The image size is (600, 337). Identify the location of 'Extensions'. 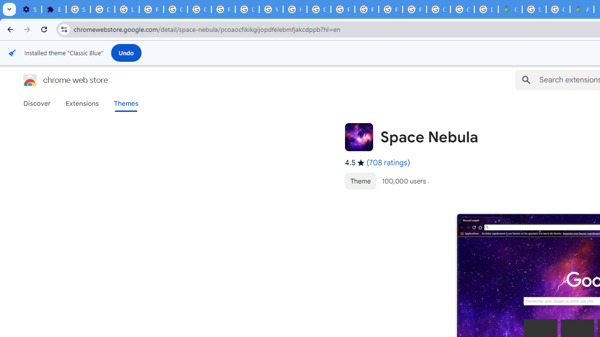
(82, 103).